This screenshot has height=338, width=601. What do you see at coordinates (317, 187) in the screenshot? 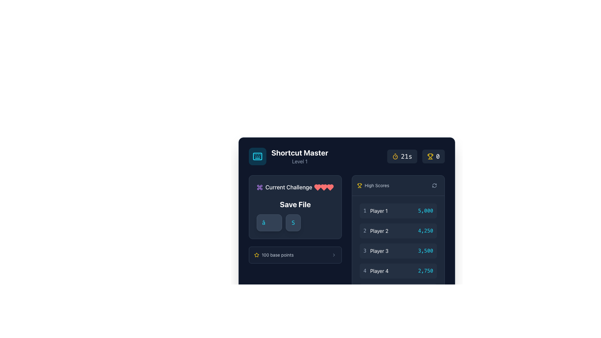
I see `the third heart icon representing a life unit in the 'Current Challenge' section of the interface header` at bounding box center [317, 187].